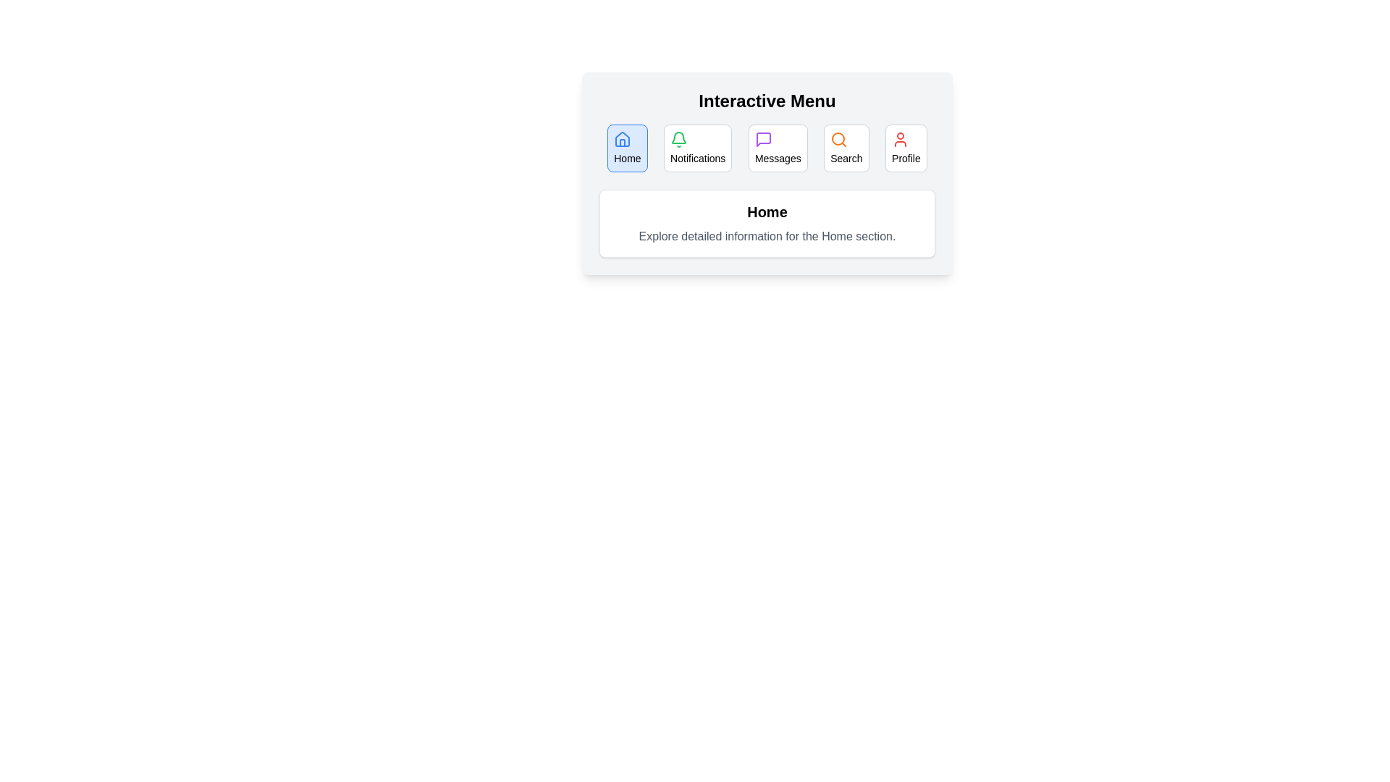  I want to click on the 'Notifications' button, which is the second button in the horizontal menu, so click(698, 148).